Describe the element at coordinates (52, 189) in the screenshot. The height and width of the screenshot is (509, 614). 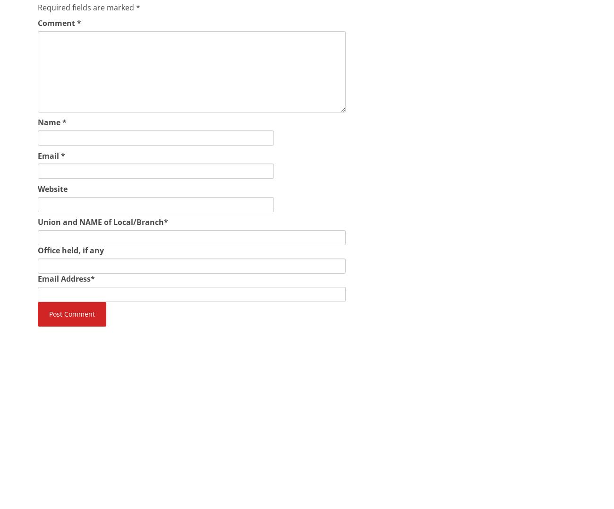
I see `'Website'` at that location.